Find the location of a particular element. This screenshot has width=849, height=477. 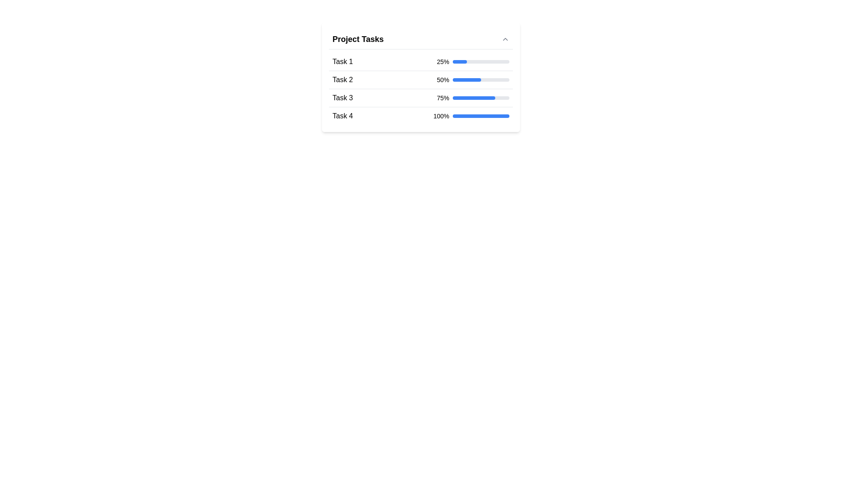

the text label that serves as the title for the fourth task in the task list is located at coordinates (342, 115).